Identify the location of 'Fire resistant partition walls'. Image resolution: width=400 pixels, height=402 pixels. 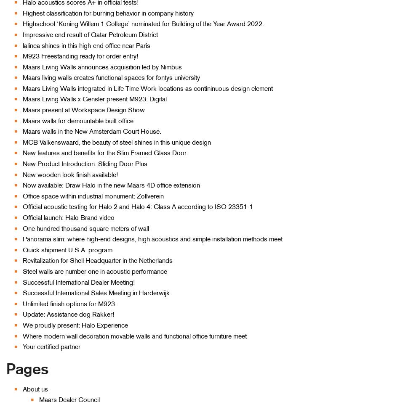
(40, 295).